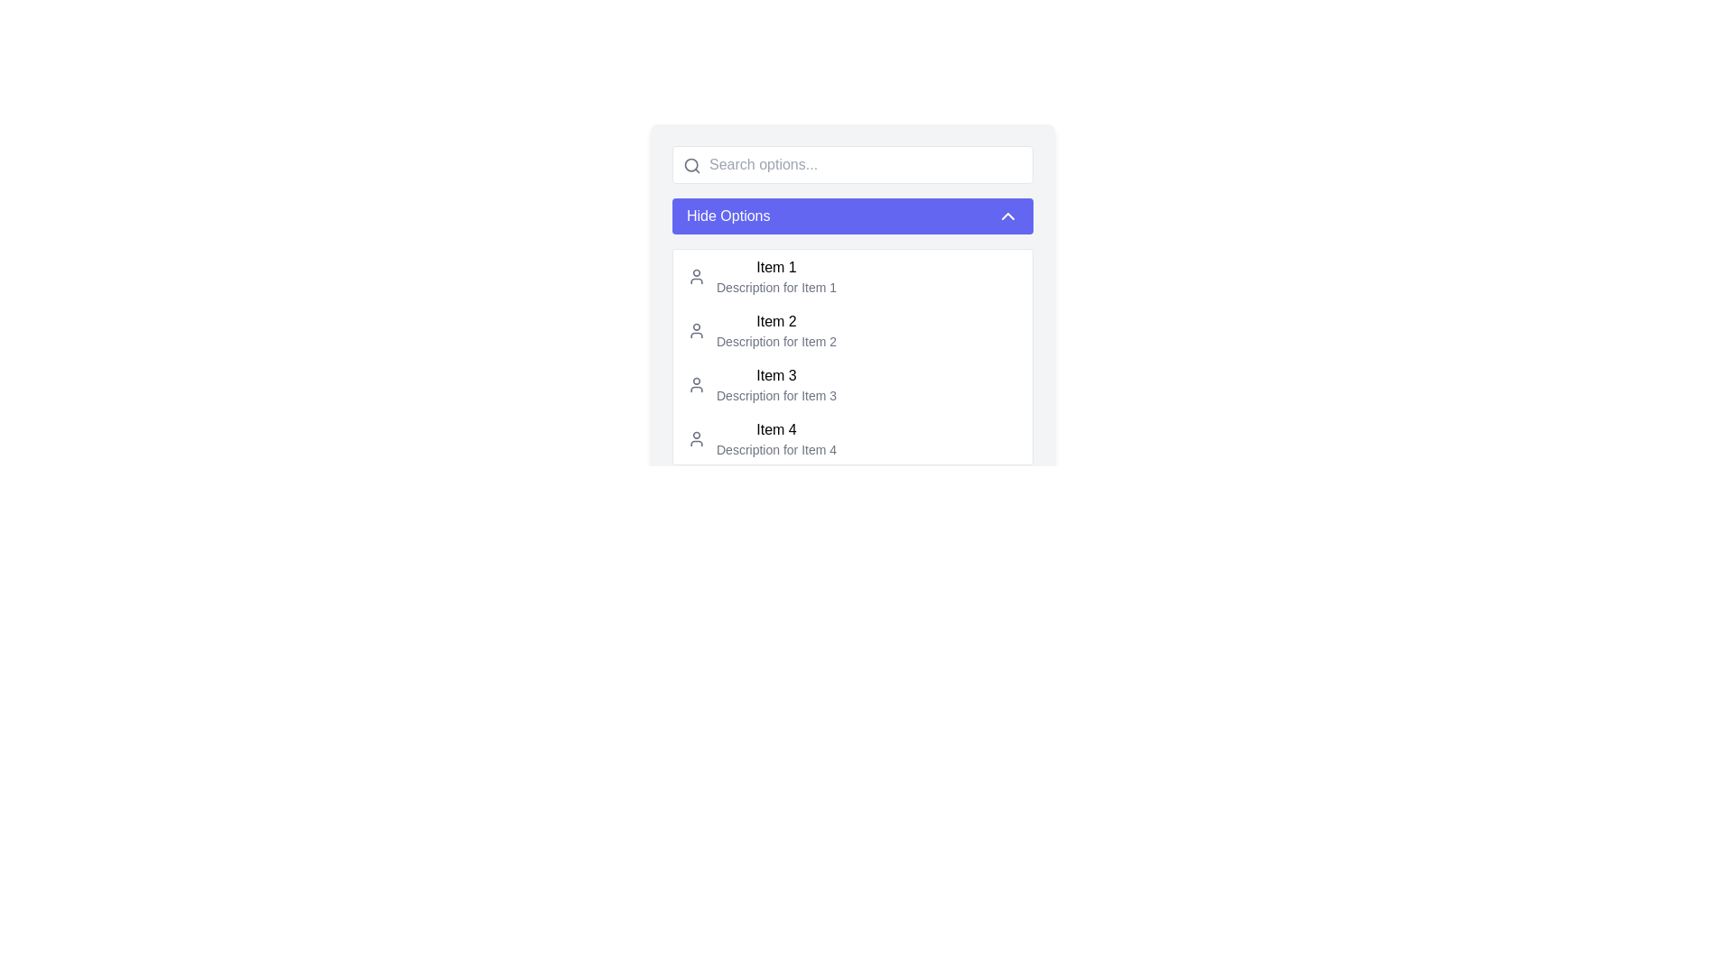 The height and width of the screenshot is (974, 1733). What do you see at coordinates (1007, 215) in the screenshot?
I see `the upward-pointing chevron icon, styled with white strokes over a blue background` at bounding box center [1007, 215].